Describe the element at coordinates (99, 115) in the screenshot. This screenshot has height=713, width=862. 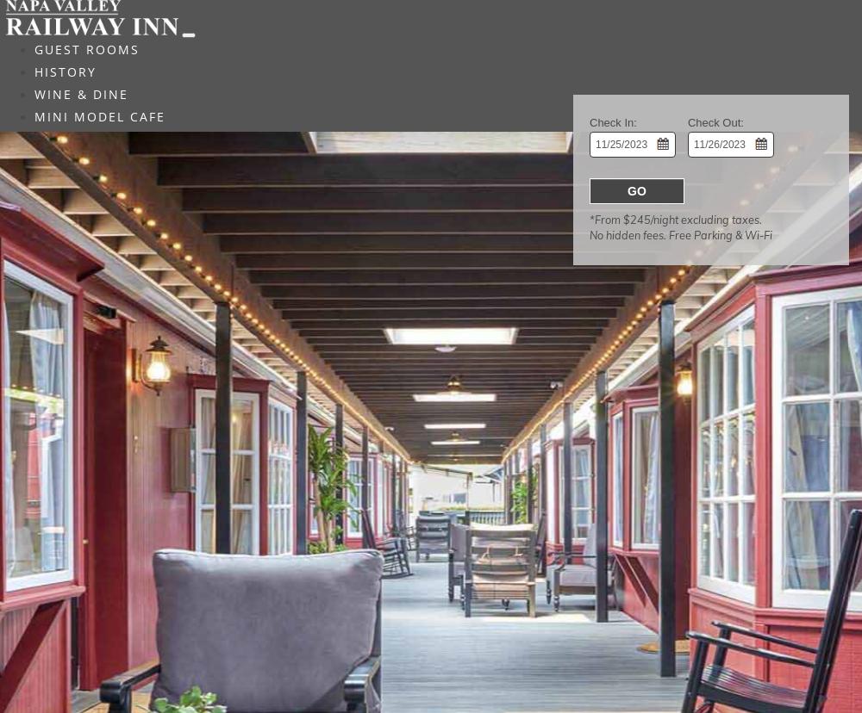
I see `'MINI MODEL CAFE'` at that location.